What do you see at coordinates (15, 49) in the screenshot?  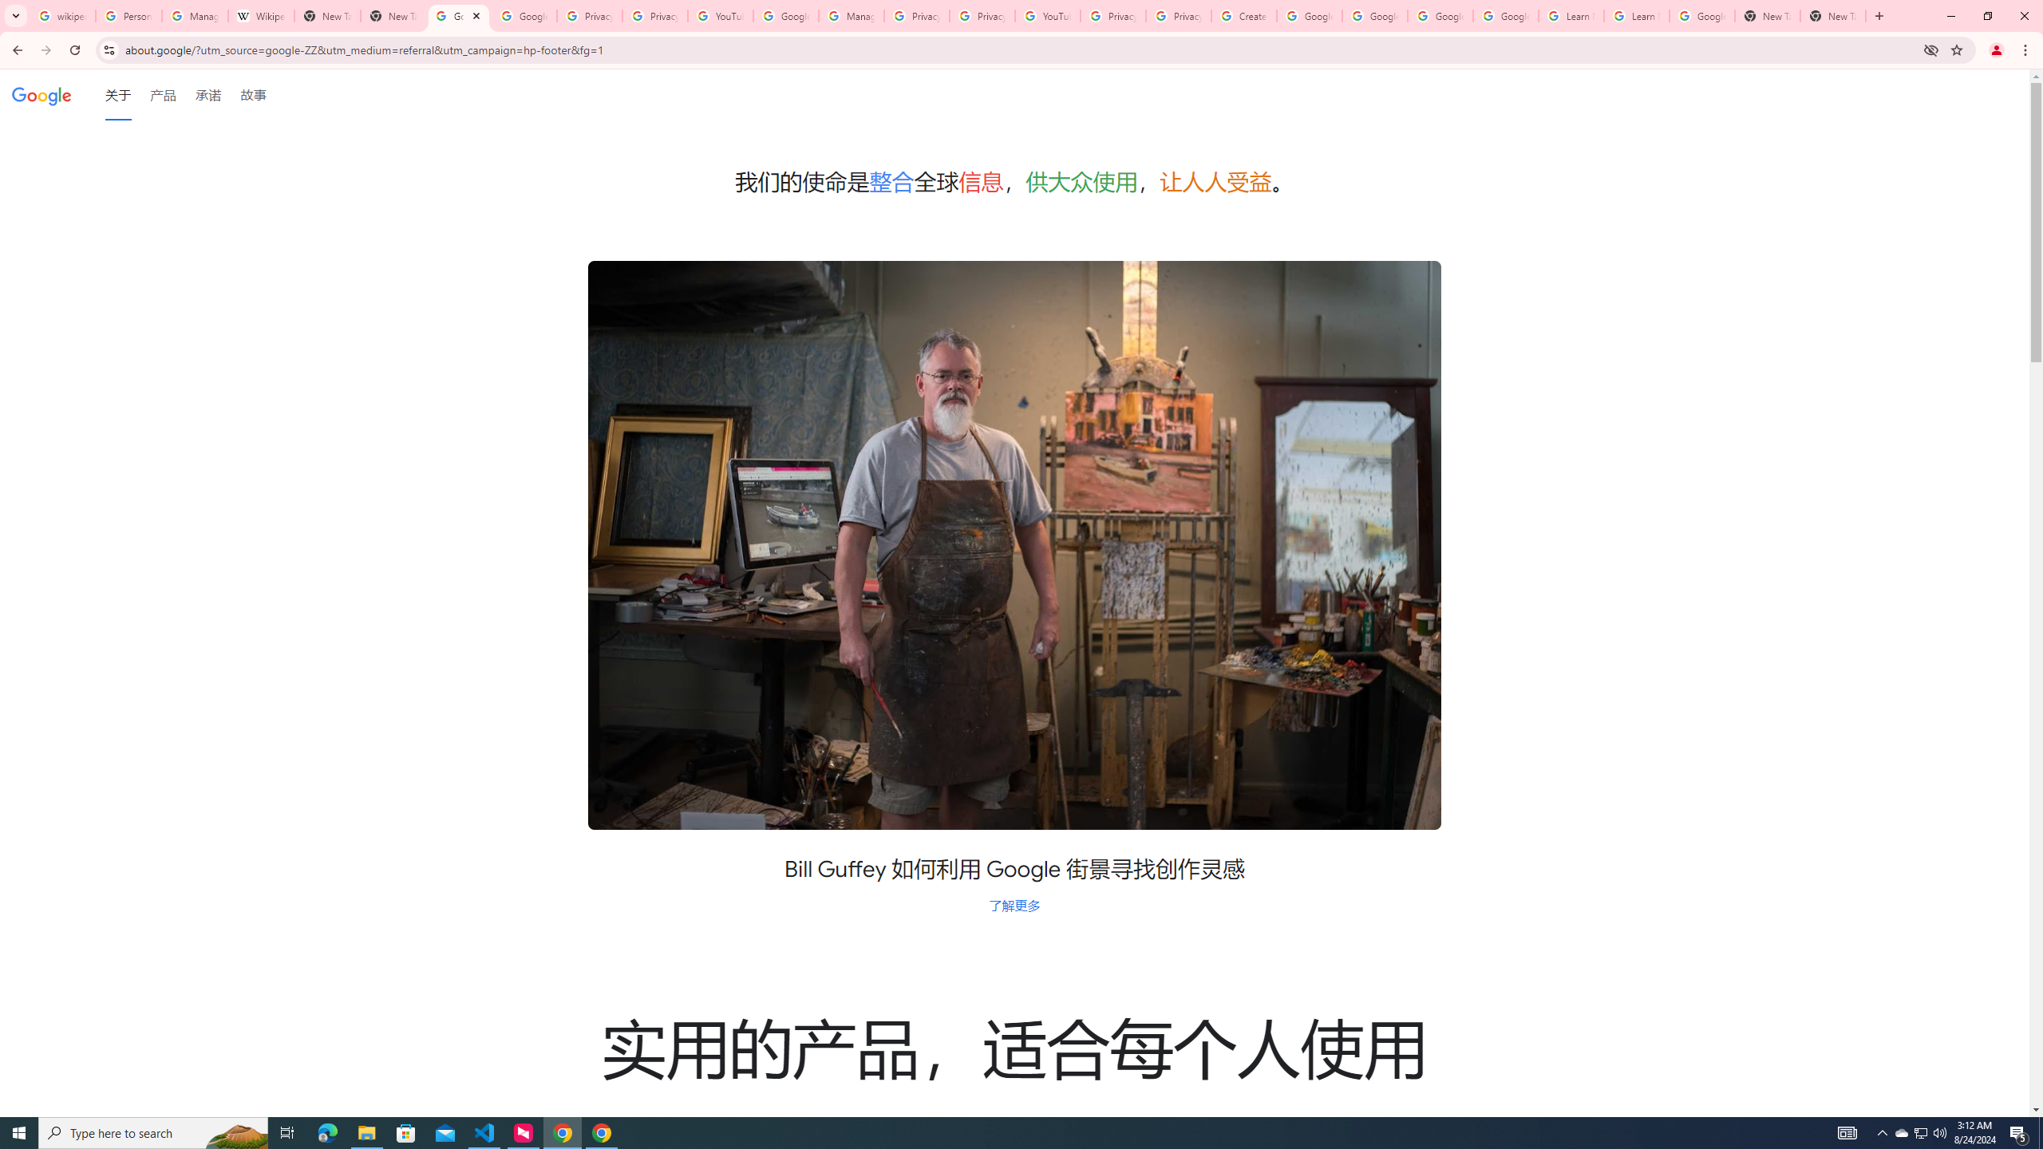 I see `'Back'` at bounding box center [15, 49].